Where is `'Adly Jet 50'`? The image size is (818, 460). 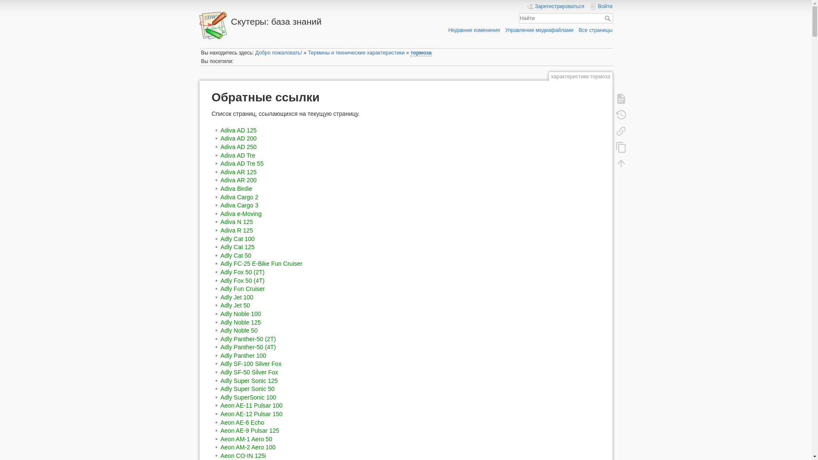 'Adly Jet 50' is located at coordinates (221, 305).